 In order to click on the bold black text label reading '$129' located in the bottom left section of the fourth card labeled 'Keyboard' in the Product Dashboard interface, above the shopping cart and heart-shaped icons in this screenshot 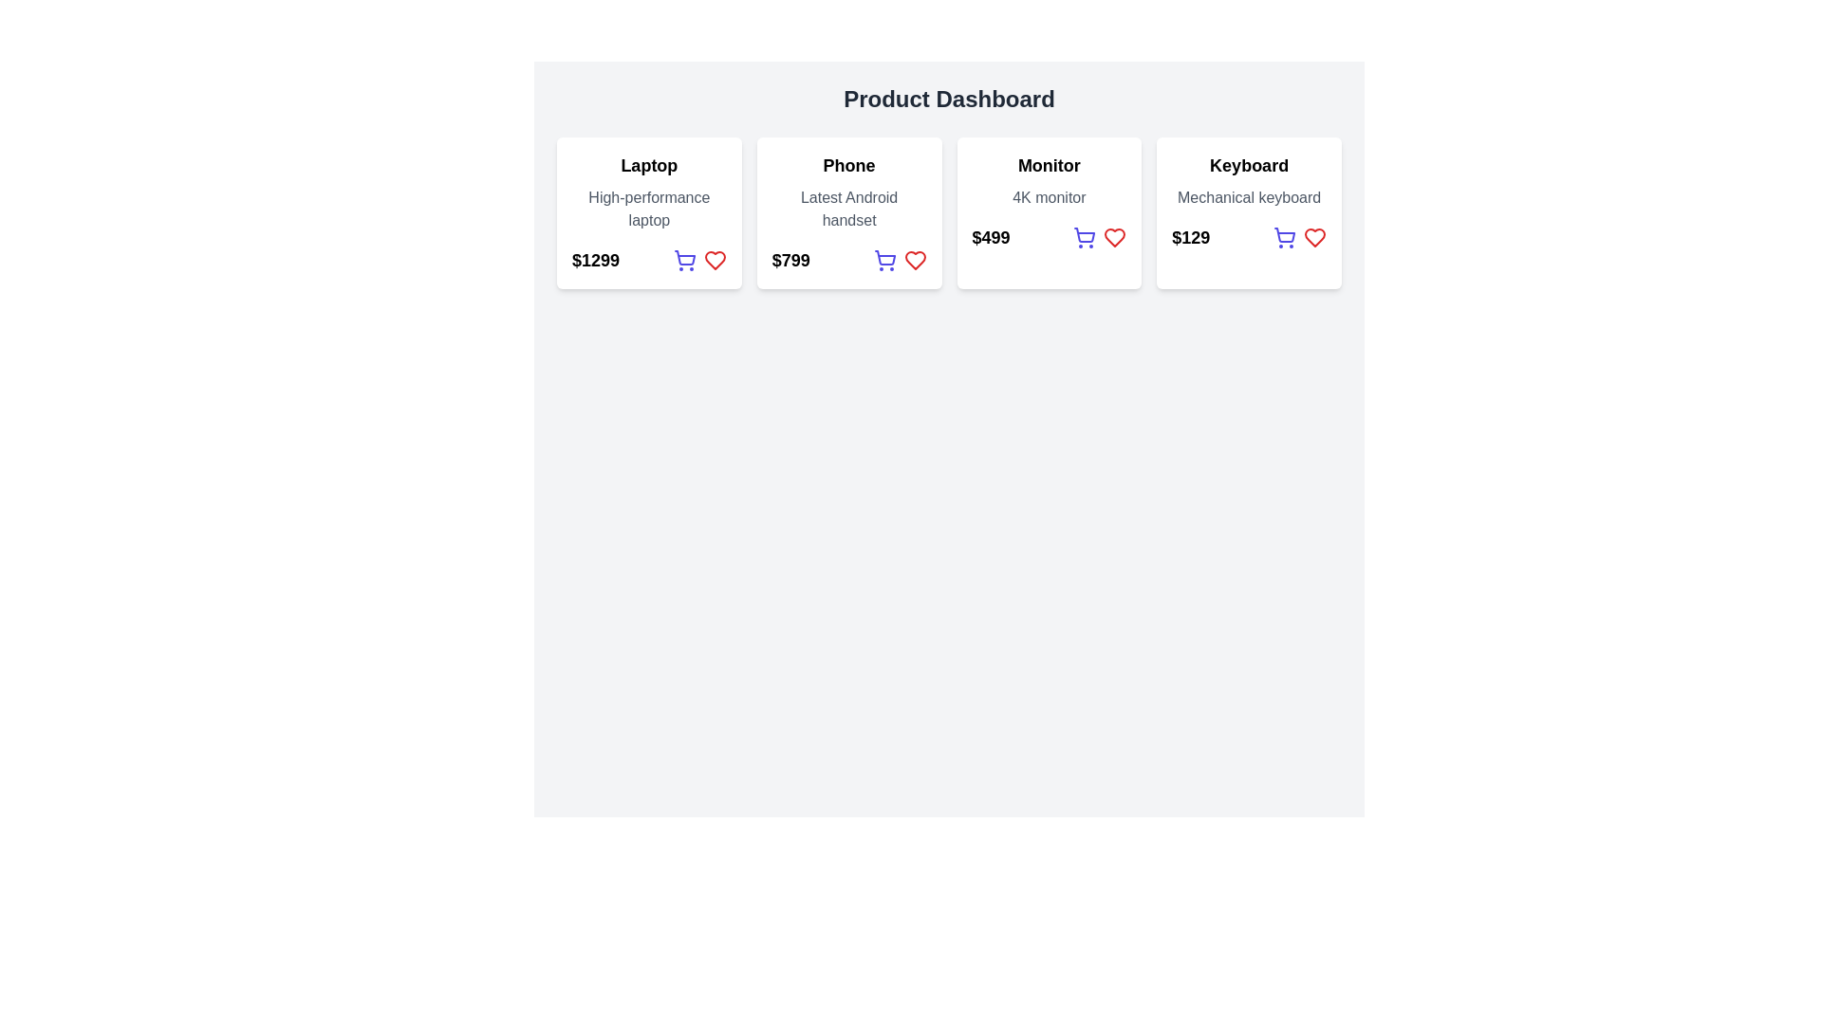, I will do `click(1190, 236)`.